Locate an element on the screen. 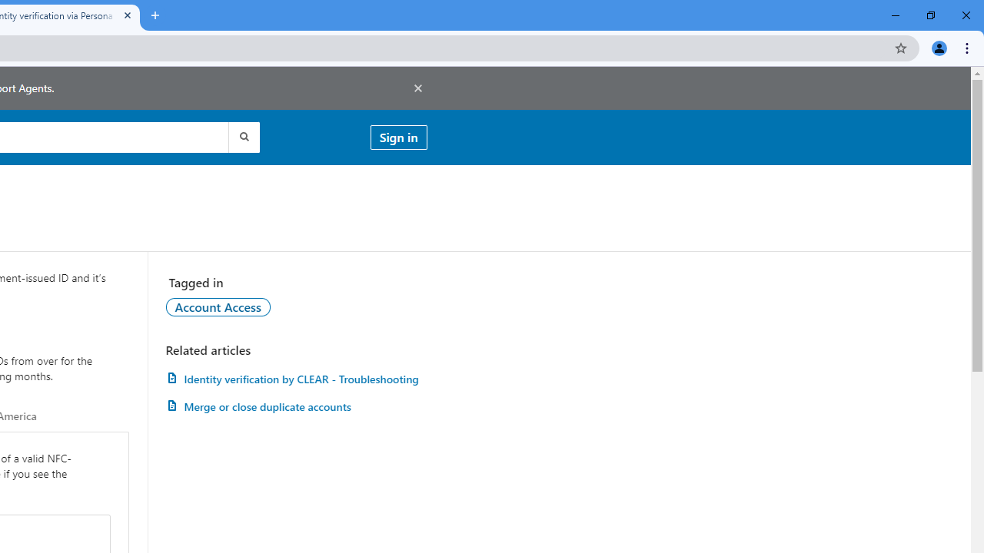 This screenshot has width=984, height=553. 'AutomationID: topic-link-a151002' is located at coordinates (217, 306).